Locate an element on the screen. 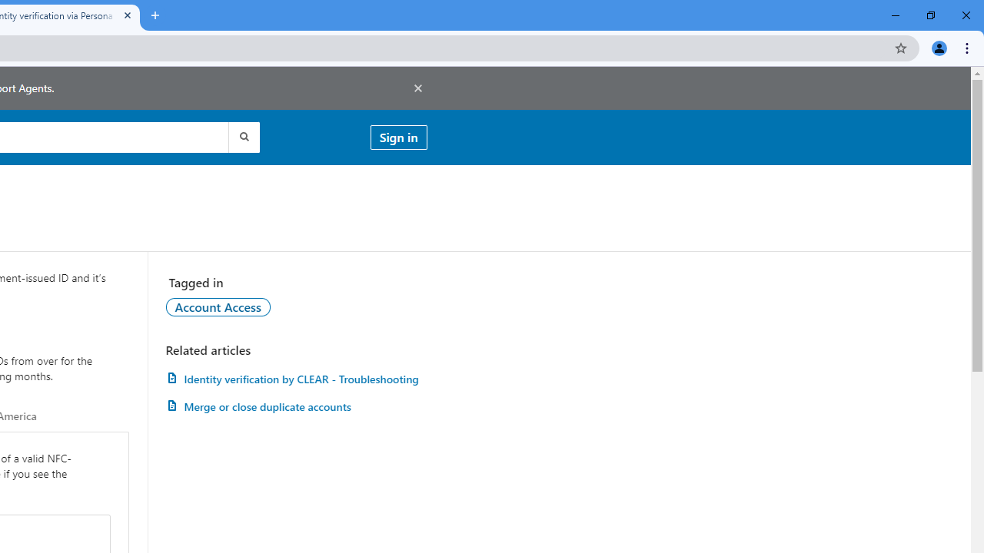 This screenshot has width=984, height=553. 'AutomationID: topic-link-a151002' is located at coordinates (217, 306).